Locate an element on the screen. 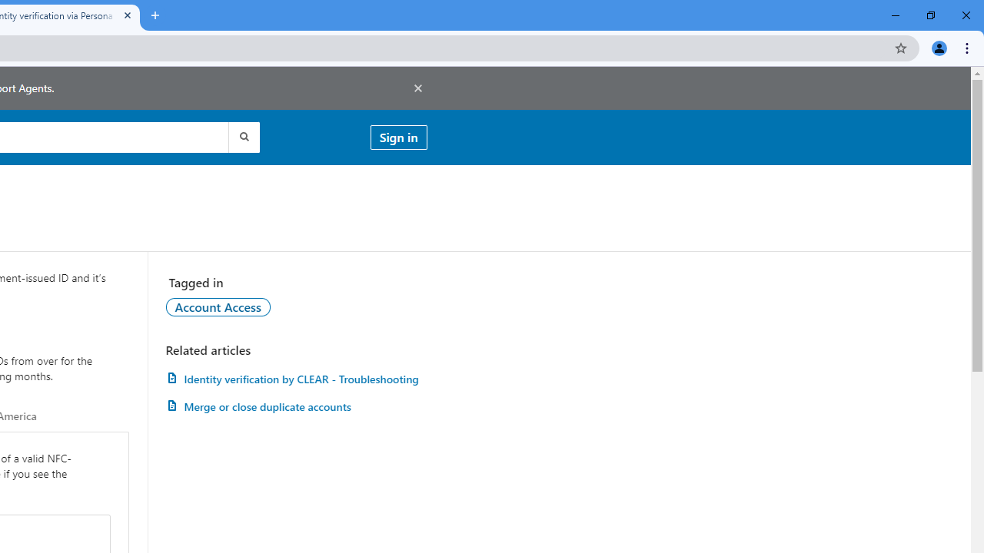 This screenshot has width=984, height=553. 'AutomationID: topic-link-a151002' is located at coordinates (217, 306).